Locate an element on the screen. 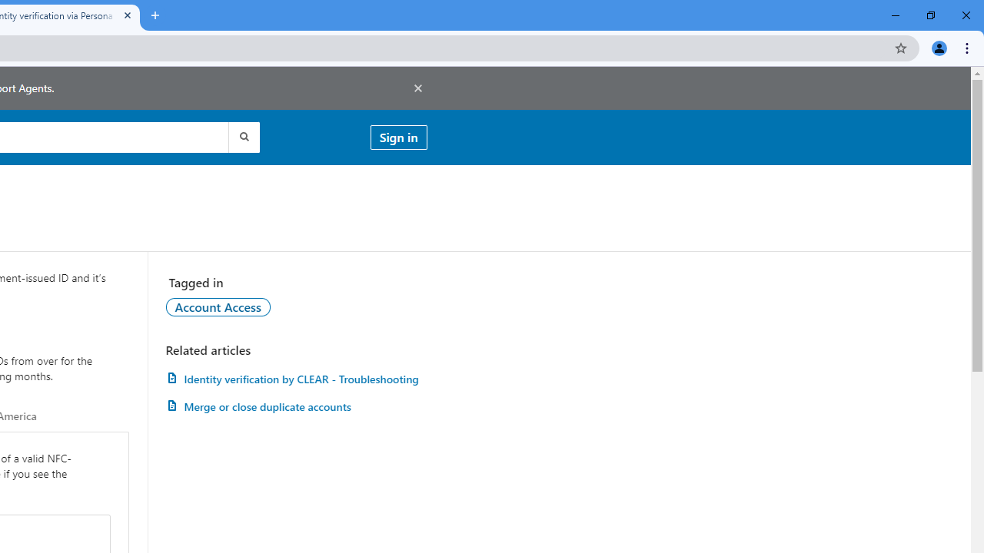 This screenshot has width=984, height=553. 'AutomationID: topic-link-a151002' is located at coordinates (217, 306).